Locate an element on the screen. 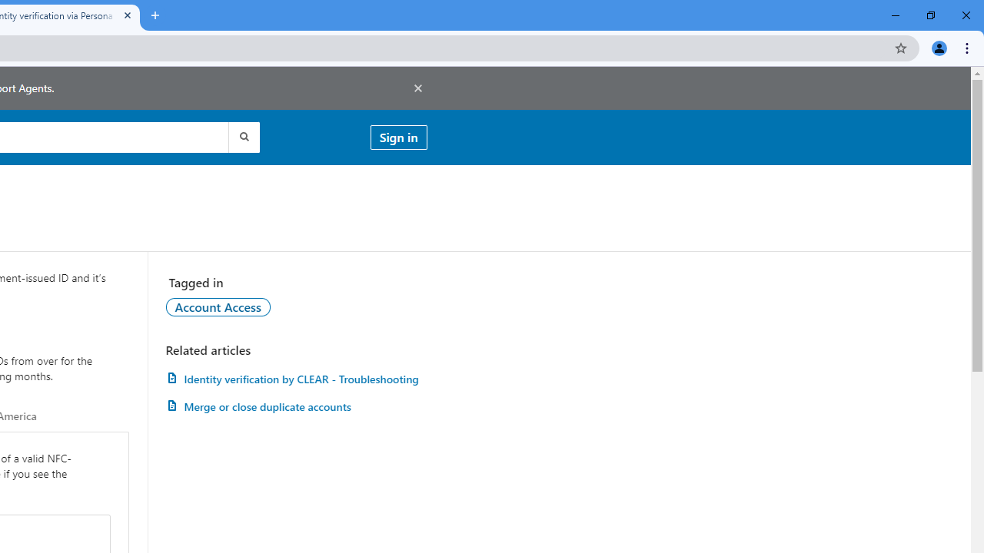 This screenshot has width=984, height=553. 'AutomationID: topic-link-a151002' is located at coordinates (217, 306).